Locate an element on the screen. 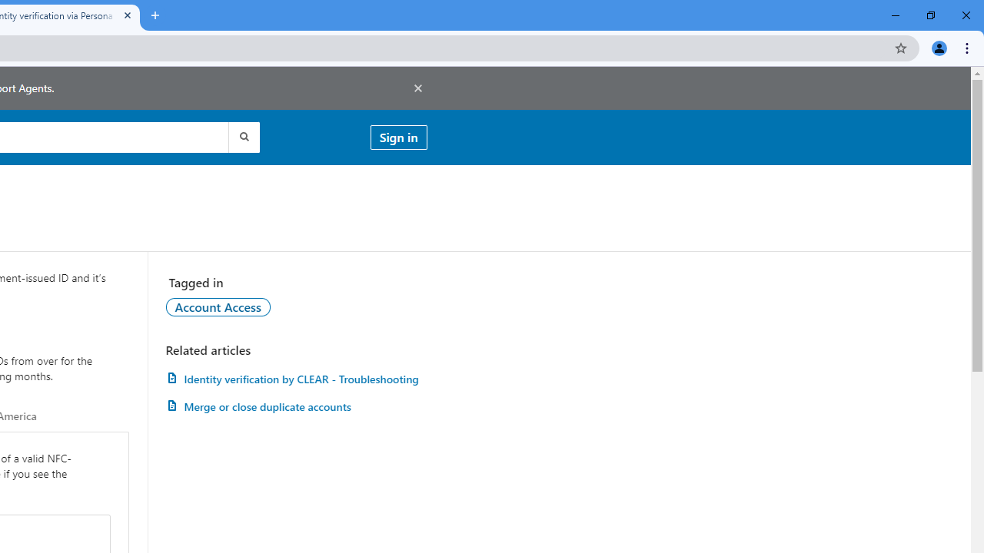 This screenshot has width=984, height=553. 'AutomationID: topic-link-a151002' is located at coordinates (217, 306).